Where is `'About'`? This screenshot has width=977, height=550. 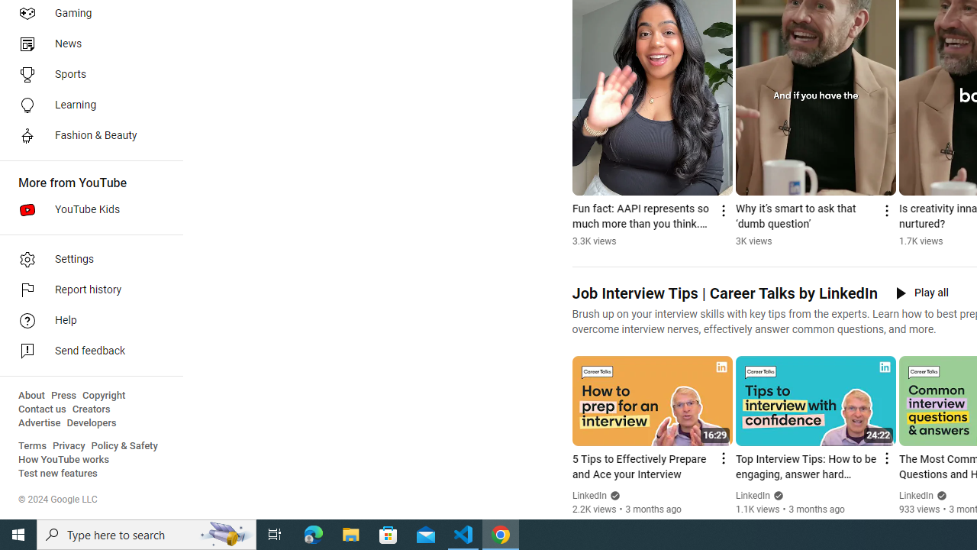 'About' is located at coordinates (31, 395).